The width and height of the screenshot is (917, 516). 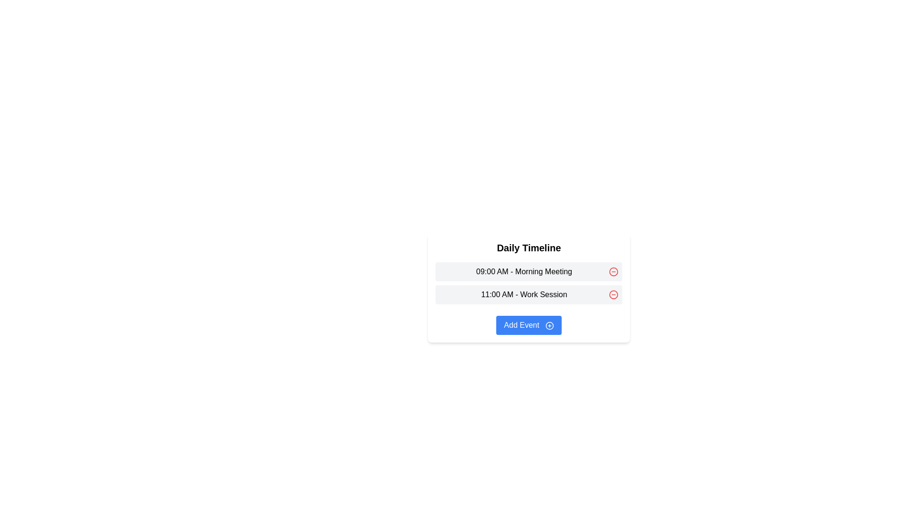 I want to click on the circular icon with a plus sign located to the right of the 'Add Event' button's text, so click(x=549, y=325).